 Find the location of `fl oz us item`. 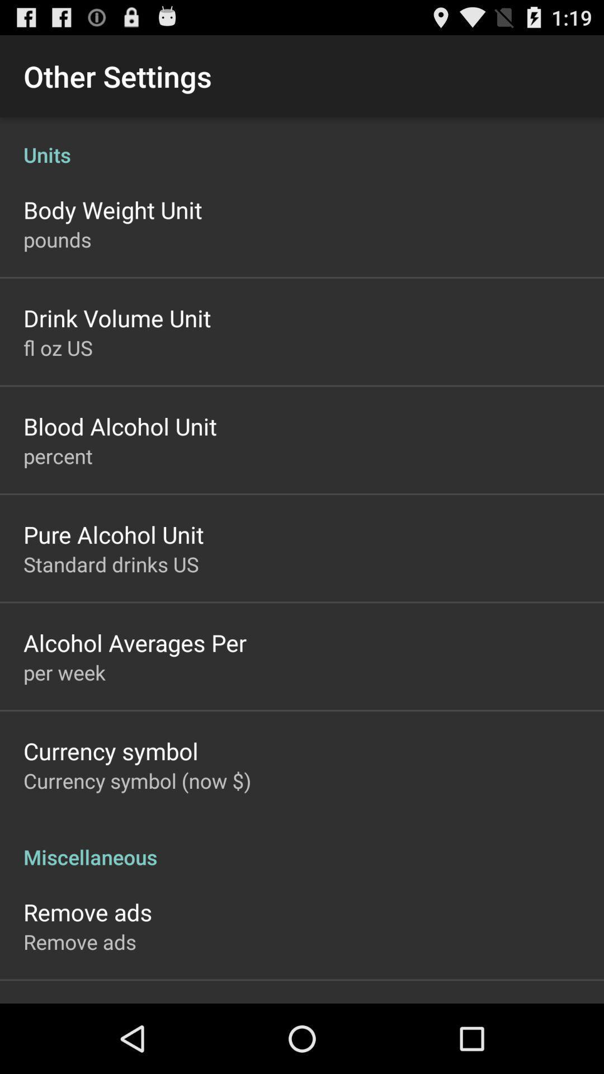

fl oz us item is located at coordinates (58, 347).